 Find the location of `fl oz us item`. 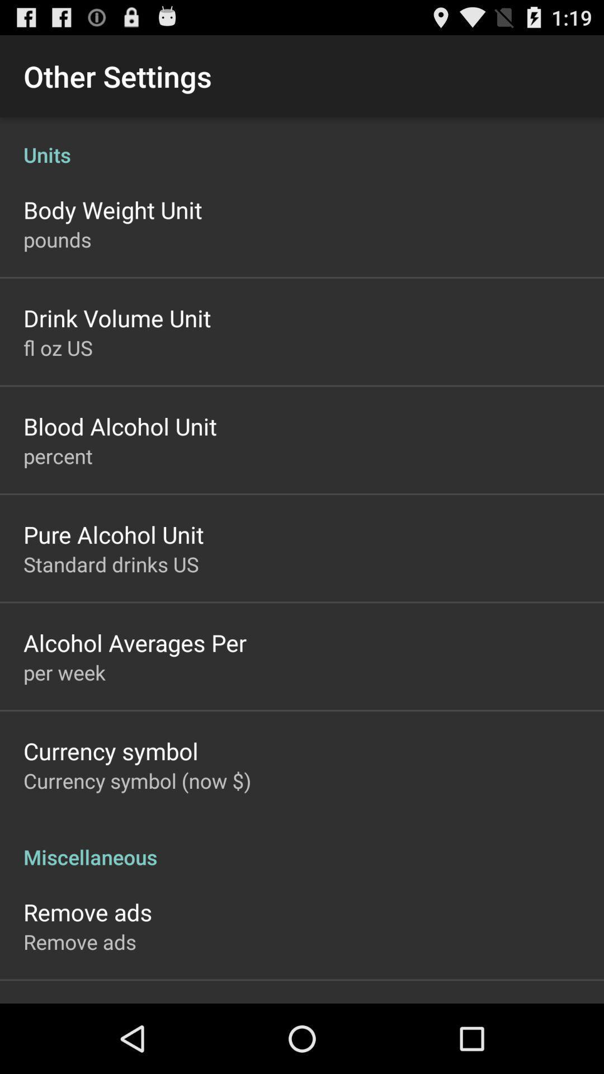

fl oz us item is located at coordinates (58, 347).